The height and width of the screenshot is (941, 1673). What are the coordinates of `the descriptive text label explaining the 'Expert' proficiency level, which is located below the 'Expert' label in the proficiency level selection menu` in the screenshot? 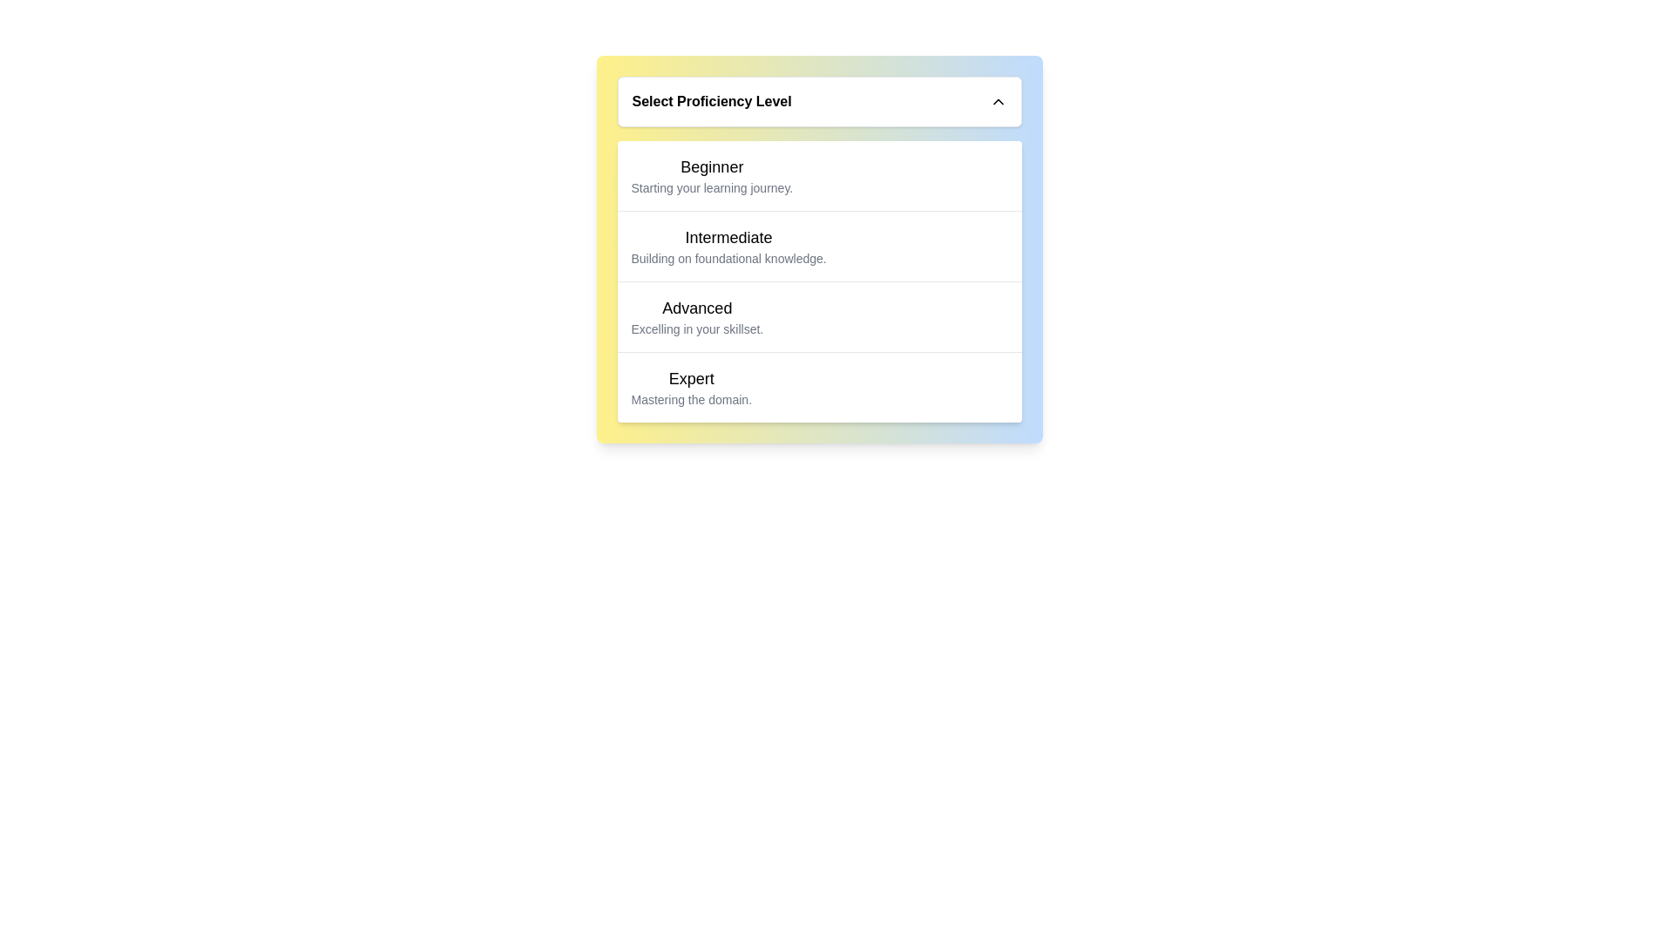 It's located at (690, 400).